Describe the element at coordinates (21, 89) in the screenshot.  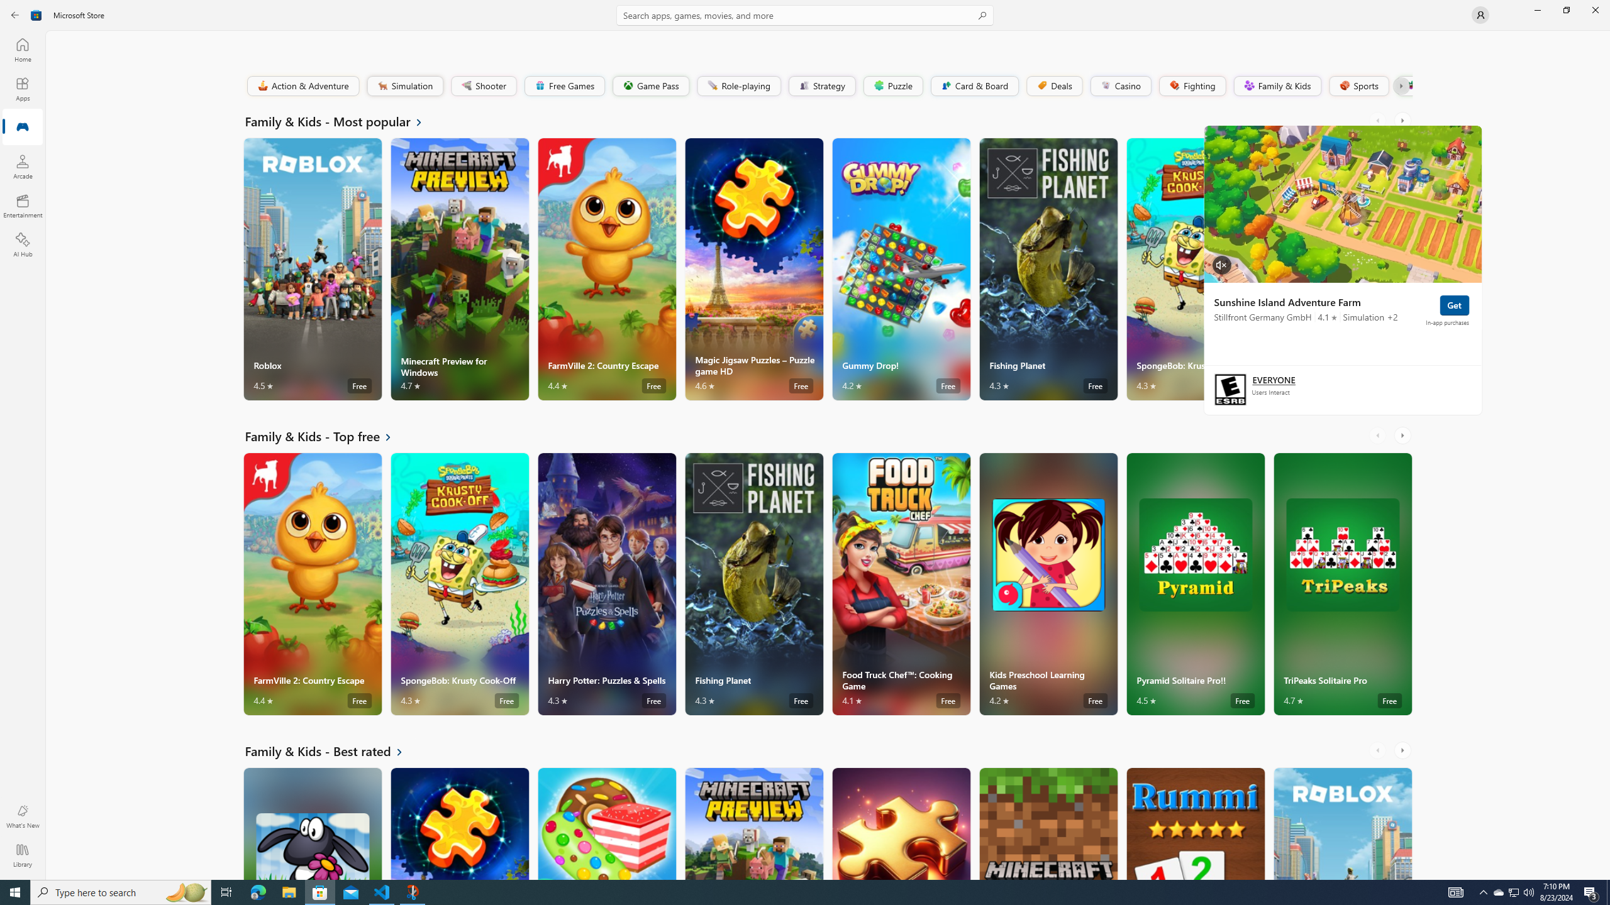
I see `'Apps'` at that location.